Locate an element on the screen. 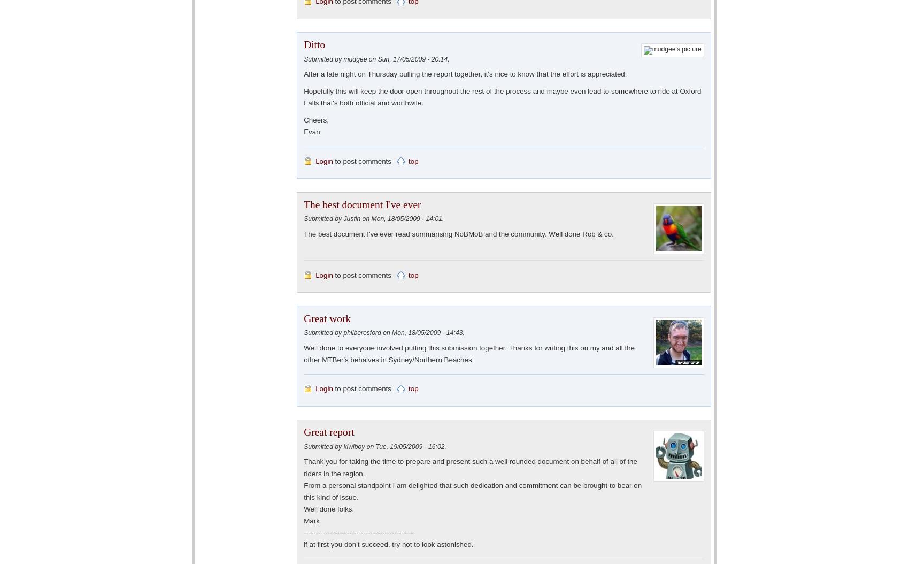 Image resolution: width=909 pixels, height=564 pixels. 'Well done folks.' is located at coordinates (328, 508).